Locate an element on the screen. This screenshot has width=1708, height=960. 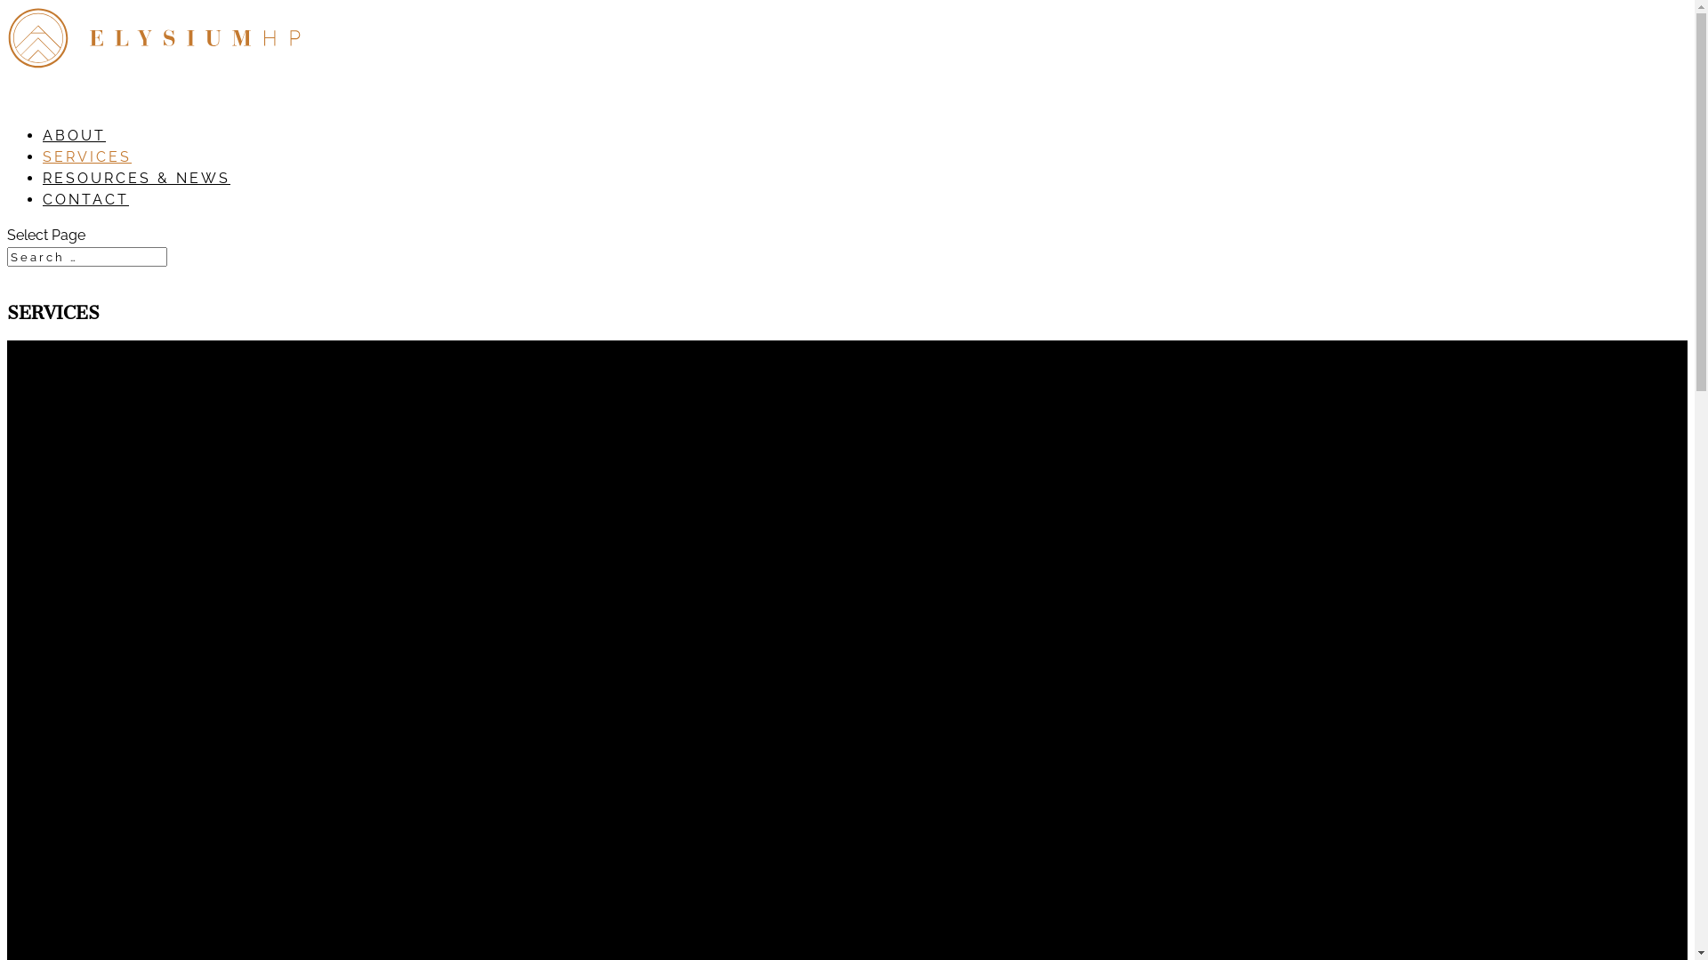
'SERVICES' is located at coordinates (85, 174).